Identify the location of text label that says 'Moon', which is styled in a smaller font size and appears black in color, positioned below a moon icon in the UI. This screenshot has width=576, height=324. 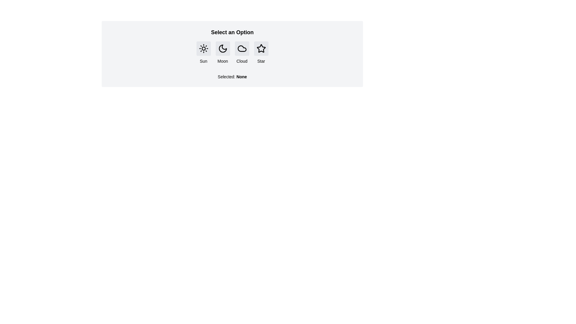
(222, 61).